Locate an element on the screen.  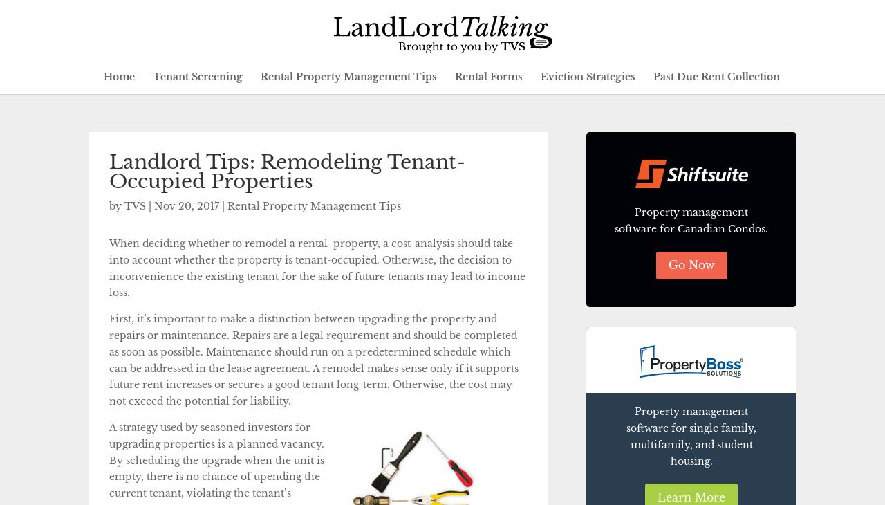
'Property management software for Canadian Condos.' is located at coordinates (691, 219).